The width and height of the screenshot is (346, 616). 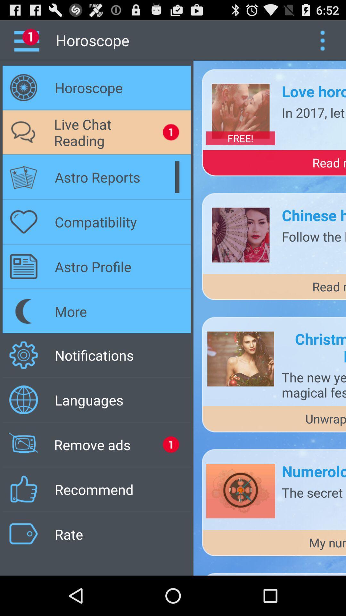 I want to click on the the new year icon, so click(x=313, y=385).